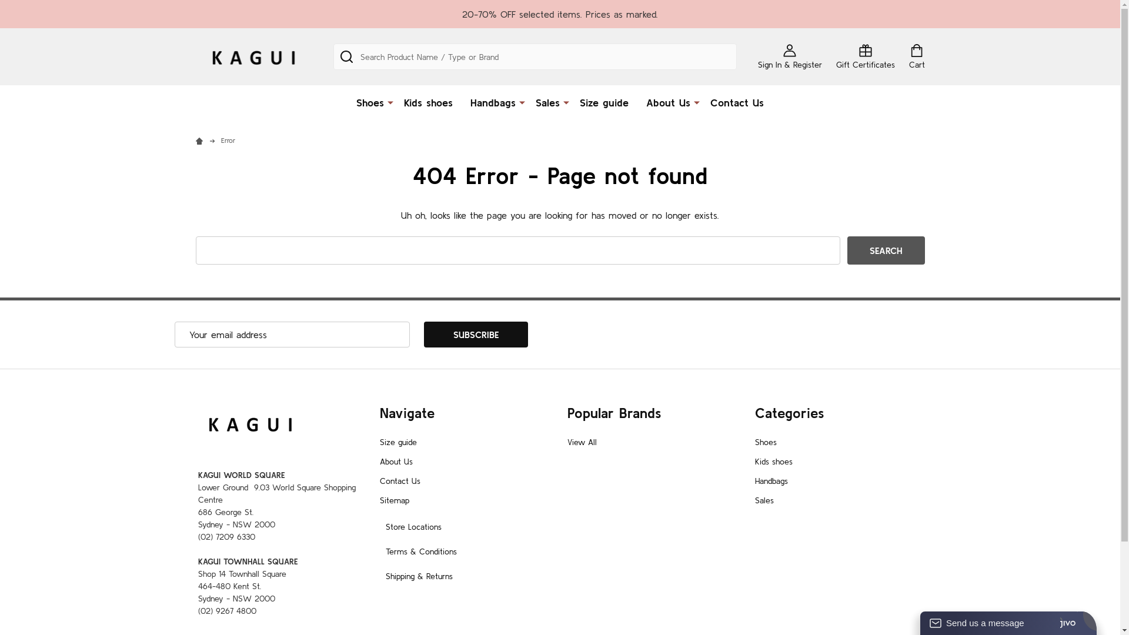  I want to click on 'Shoes', so click(366, 102).